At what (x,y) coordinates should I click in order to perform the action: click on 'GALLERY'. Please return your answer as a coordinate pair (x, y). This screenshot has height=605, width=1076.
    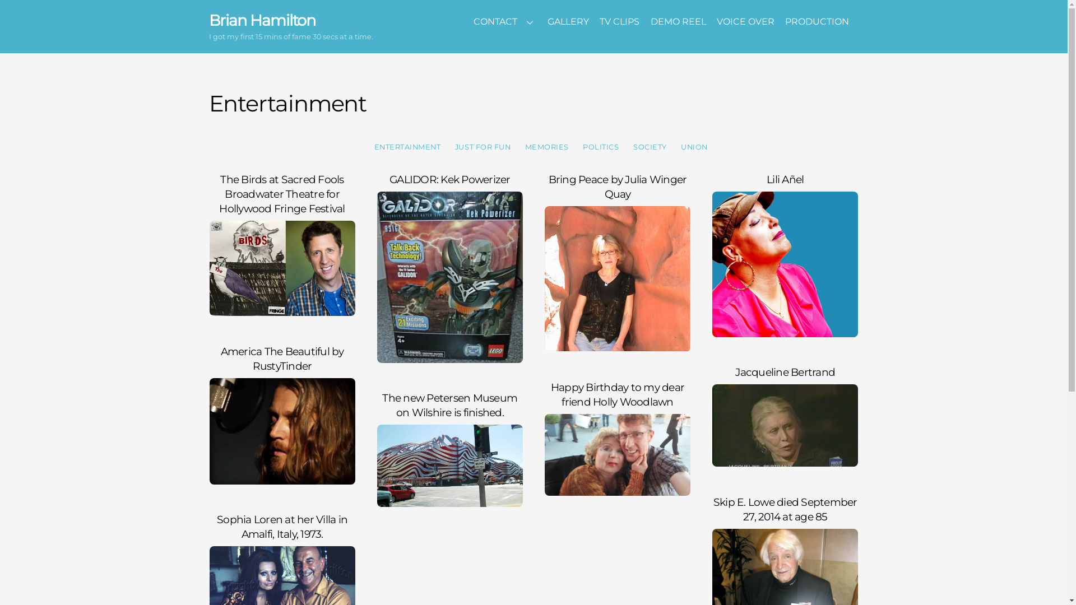
    Looking at the image, I should click on (542, 21).